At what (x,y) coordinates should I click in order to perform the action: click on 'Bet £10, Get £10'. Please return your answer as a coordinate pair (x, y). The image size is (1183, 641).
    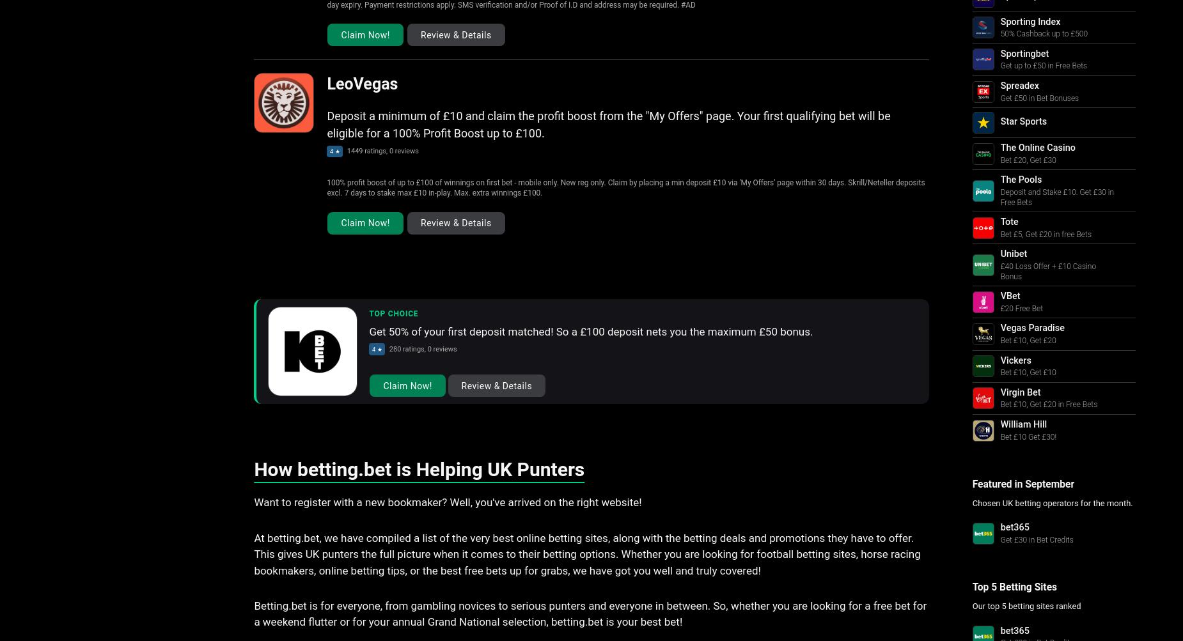
    Looking at the image, I should click on (1028, 372).